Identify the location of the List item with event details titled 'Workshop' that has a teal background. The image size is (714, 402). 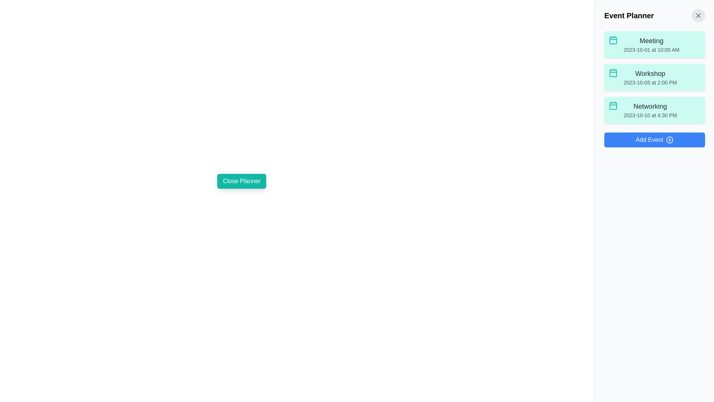
(654, 77).